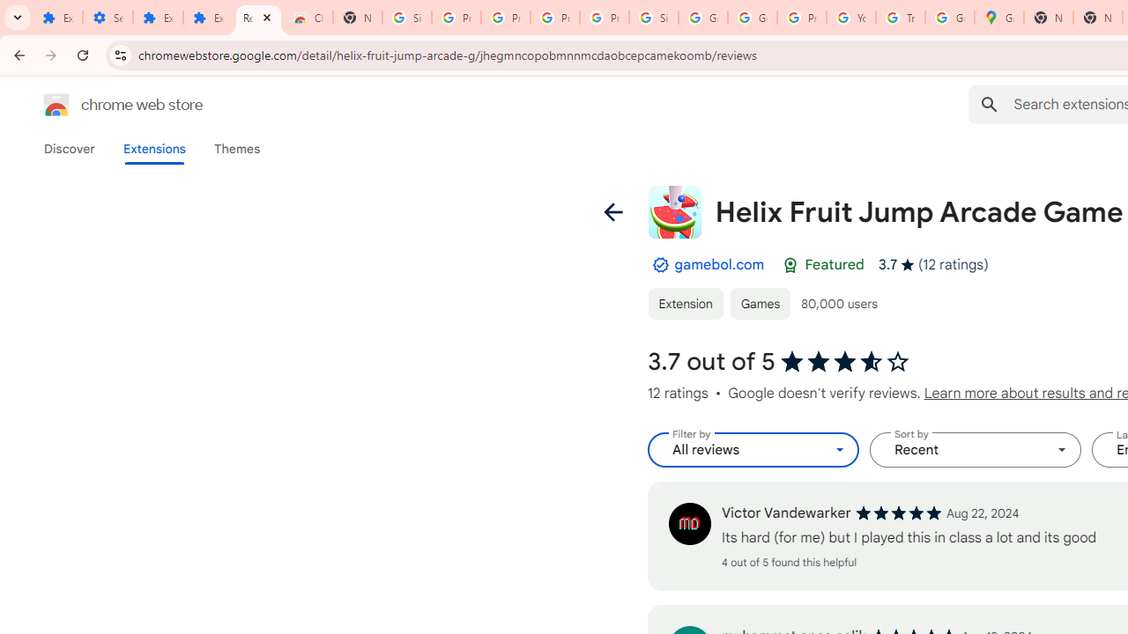  What do you see at coordinates (236, 148) in the screenshot?
I see `'Themes'` at bounding box center [236, 148].